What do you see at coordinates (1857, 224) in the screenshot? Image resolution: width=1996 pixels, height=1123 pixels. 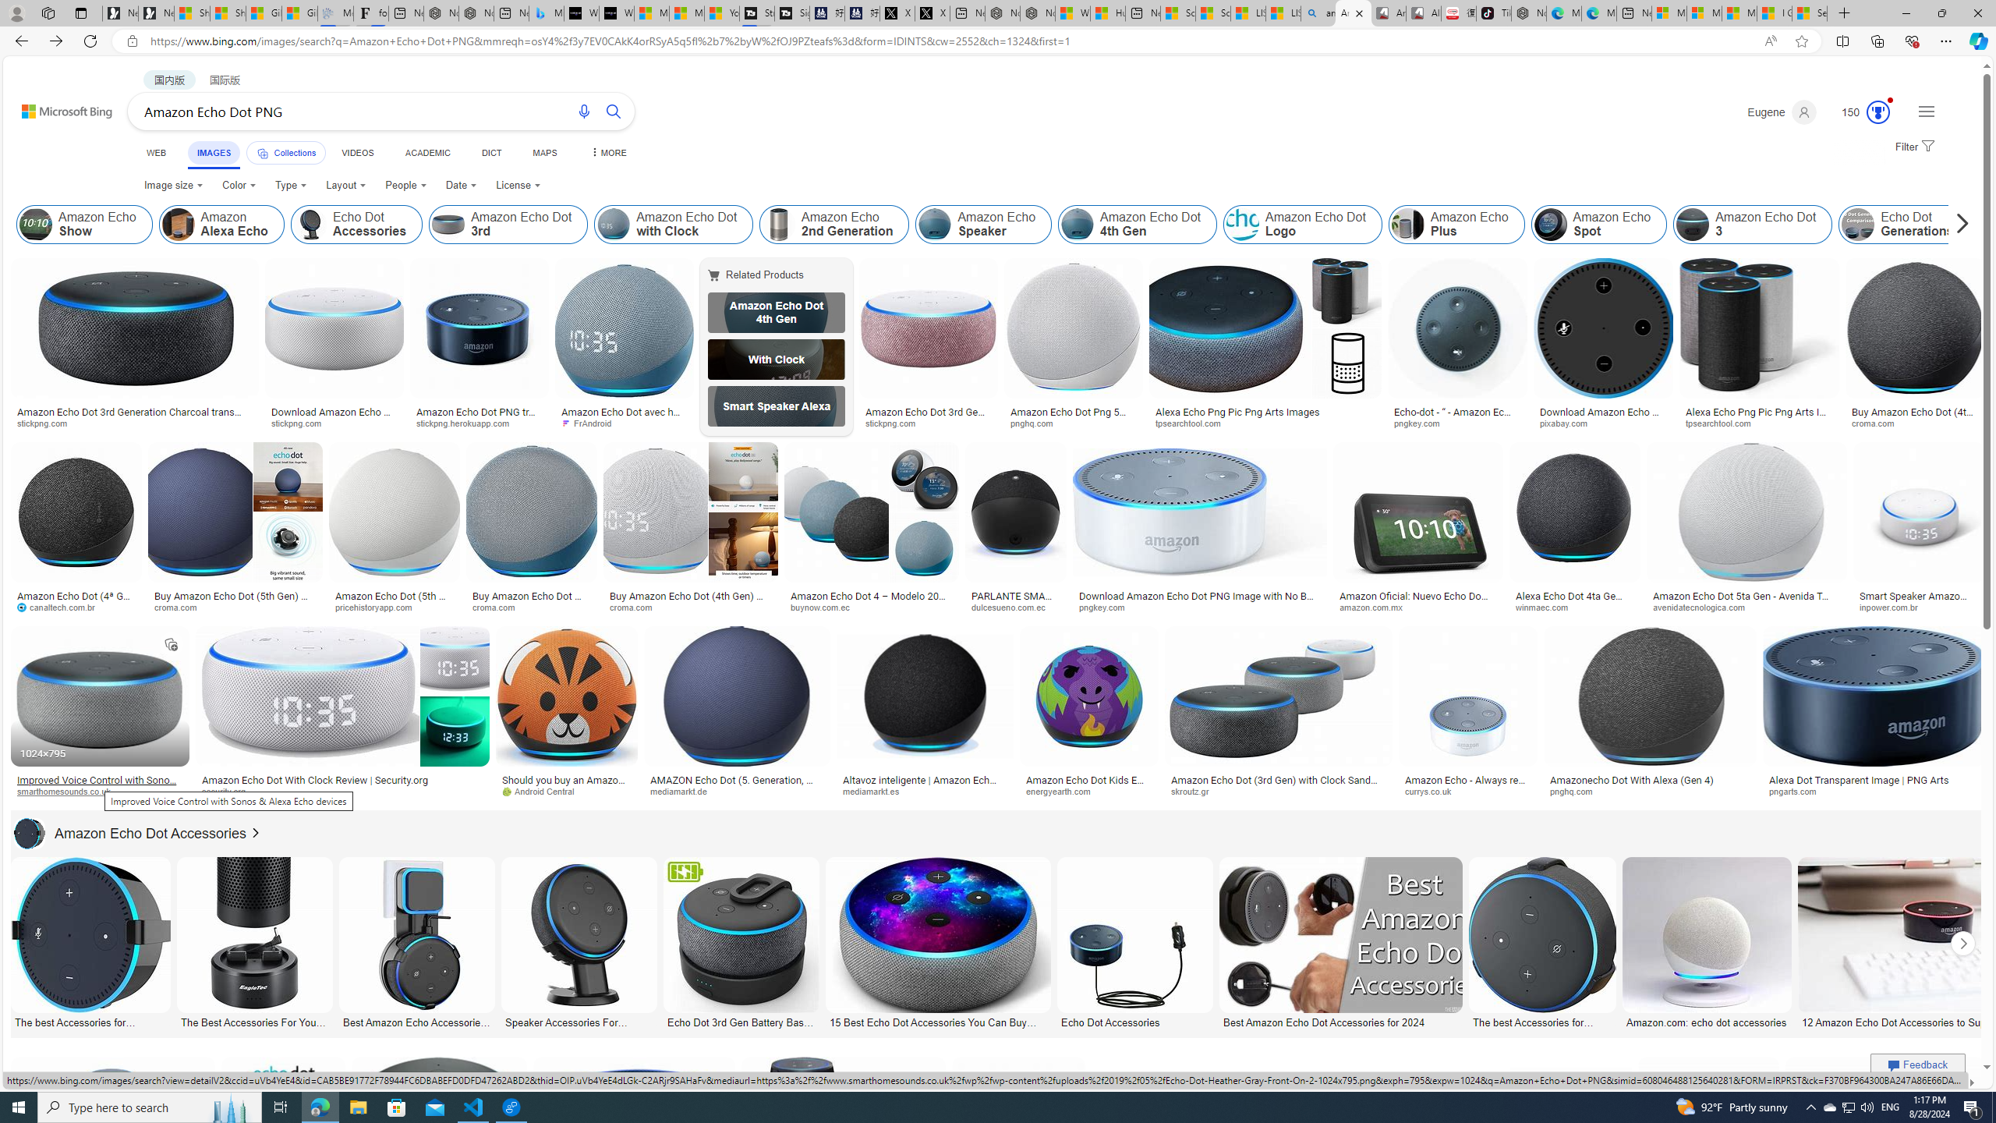 I see `'Echo Dot Generations'` at bounding box center [1857, 224].